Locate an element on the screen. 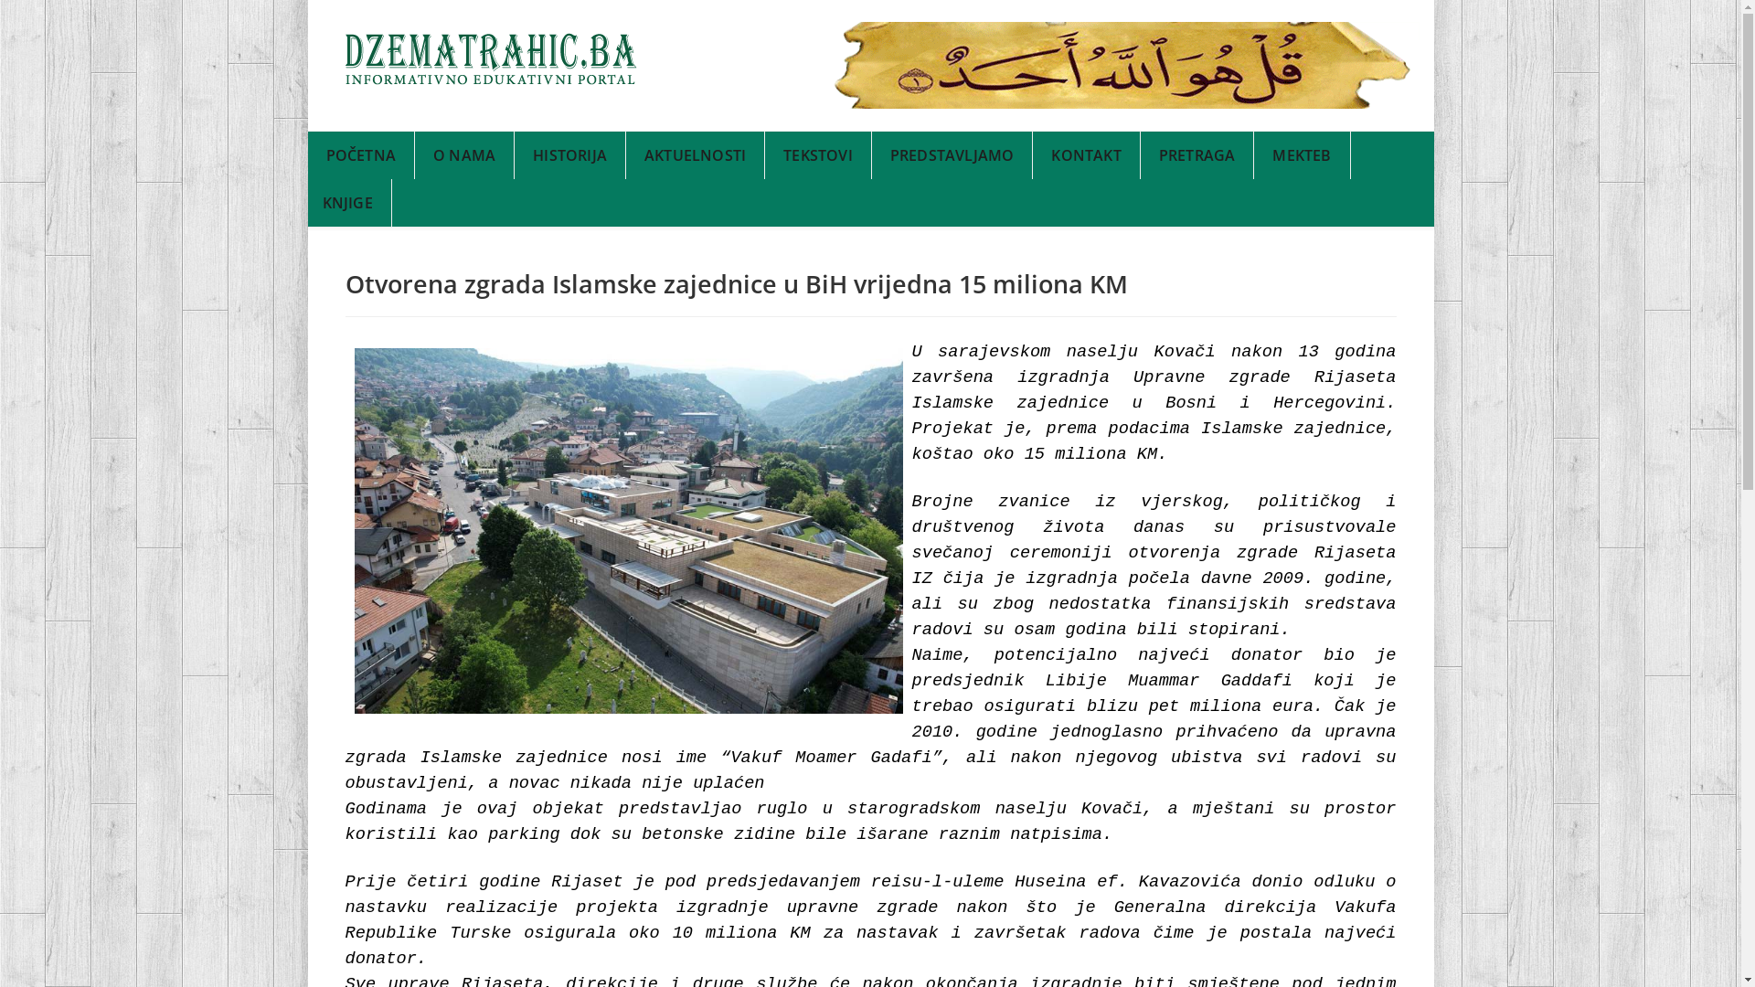 This screenshot has height=987, width=1755. 'HISTORIJA' is located at coordinates (569, 154).